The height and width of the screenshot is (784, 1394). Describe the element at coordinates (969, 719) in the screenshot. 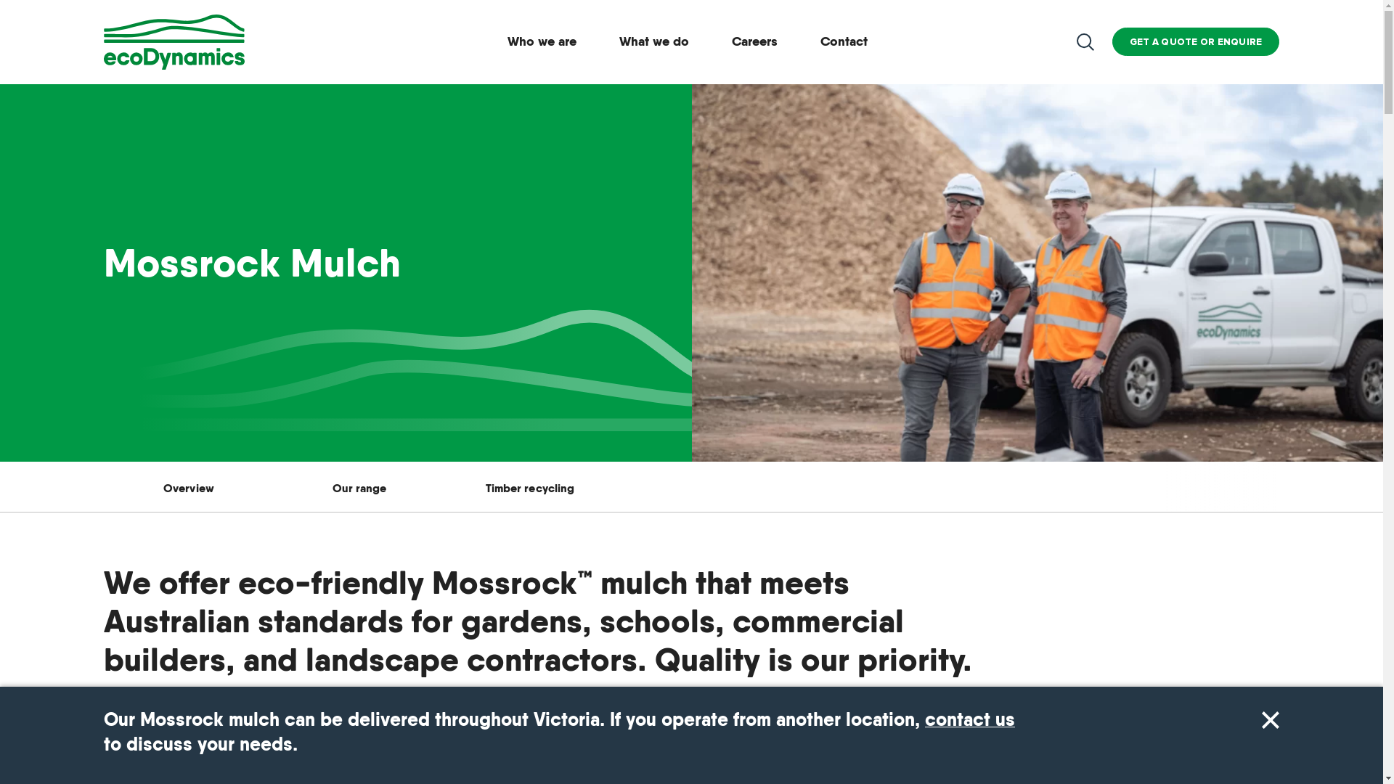

I see `'contact us'` at that location.